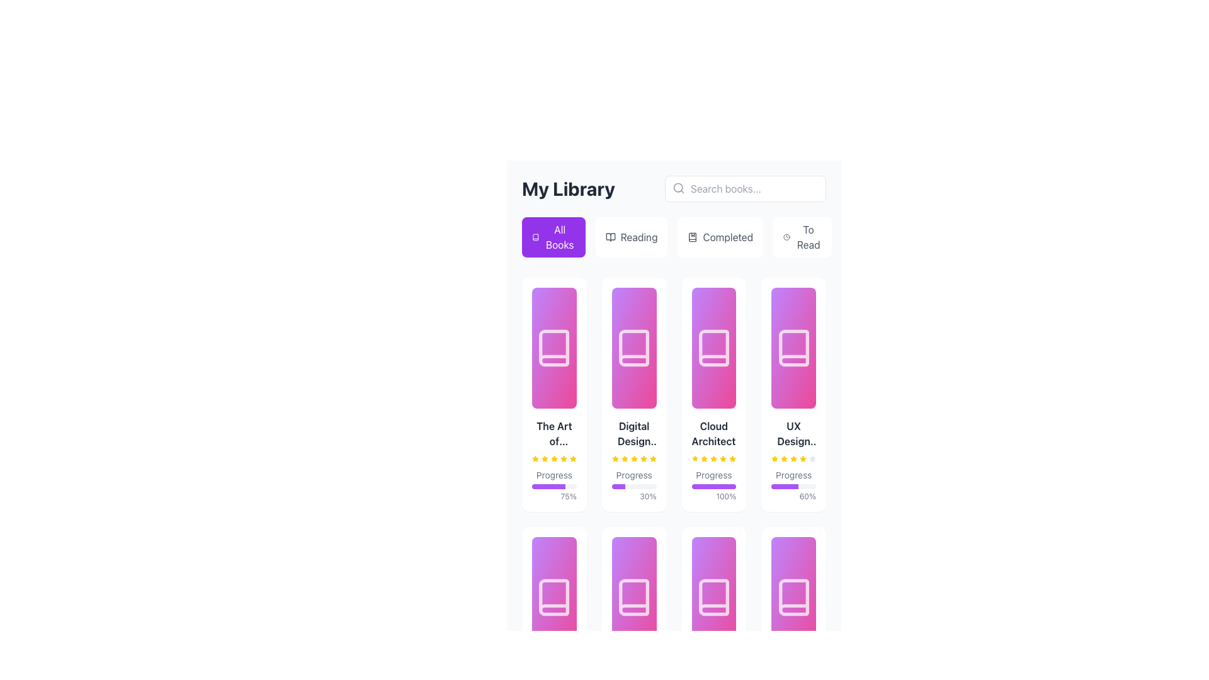 The image size is (1209, 680). What do you see at coordinates (713, 348) in the screenshot?
I see `the decorative book icon located in the third column of the first row within the 'My Library' section` at bounding box center [713, 348].